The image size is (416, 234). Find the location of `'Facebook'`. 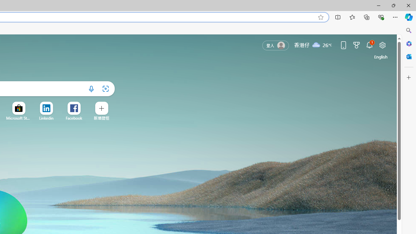

'Facebook' is located at coordinates (74, 118).